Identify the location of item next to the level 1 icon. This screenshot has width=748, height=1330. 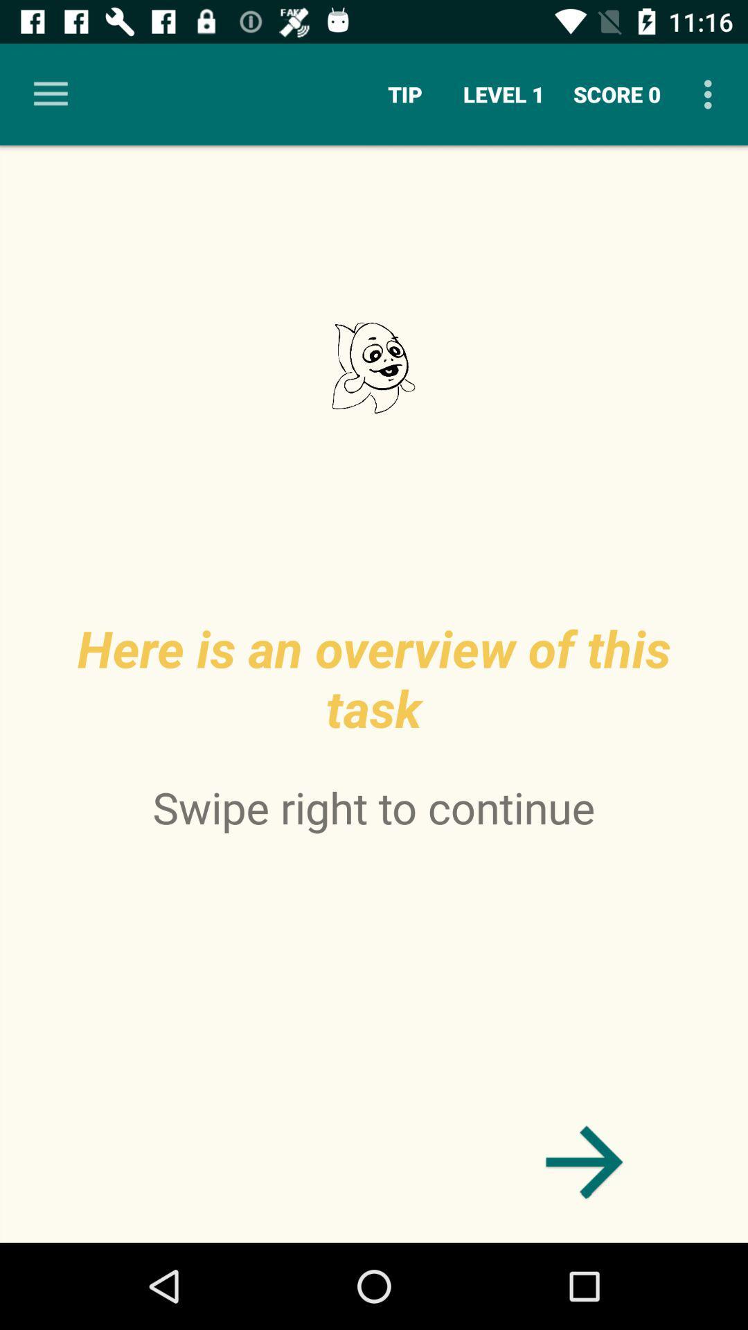
(616, 94).